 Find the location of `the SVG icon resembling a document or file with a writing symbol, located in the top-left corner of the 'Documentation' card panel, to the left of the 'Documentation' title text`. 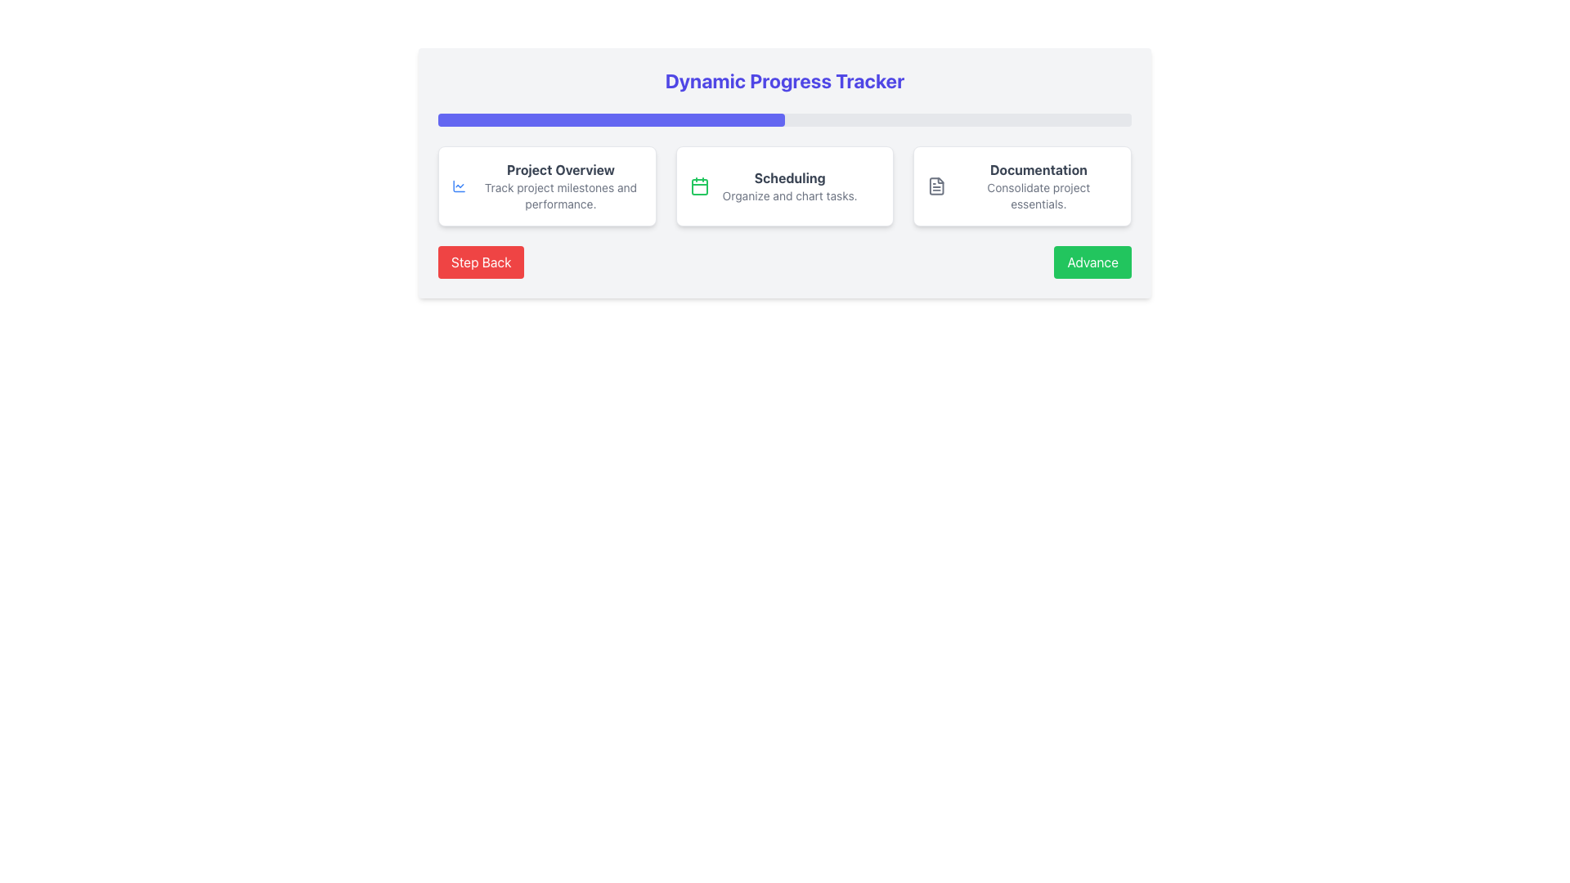

the SVG icon resembling a document or file with a writing symbol, located in the top-left corner of the 'Documentation' card panel, to the left of the 'Documentation' title text is located at coordinates (937, 185).